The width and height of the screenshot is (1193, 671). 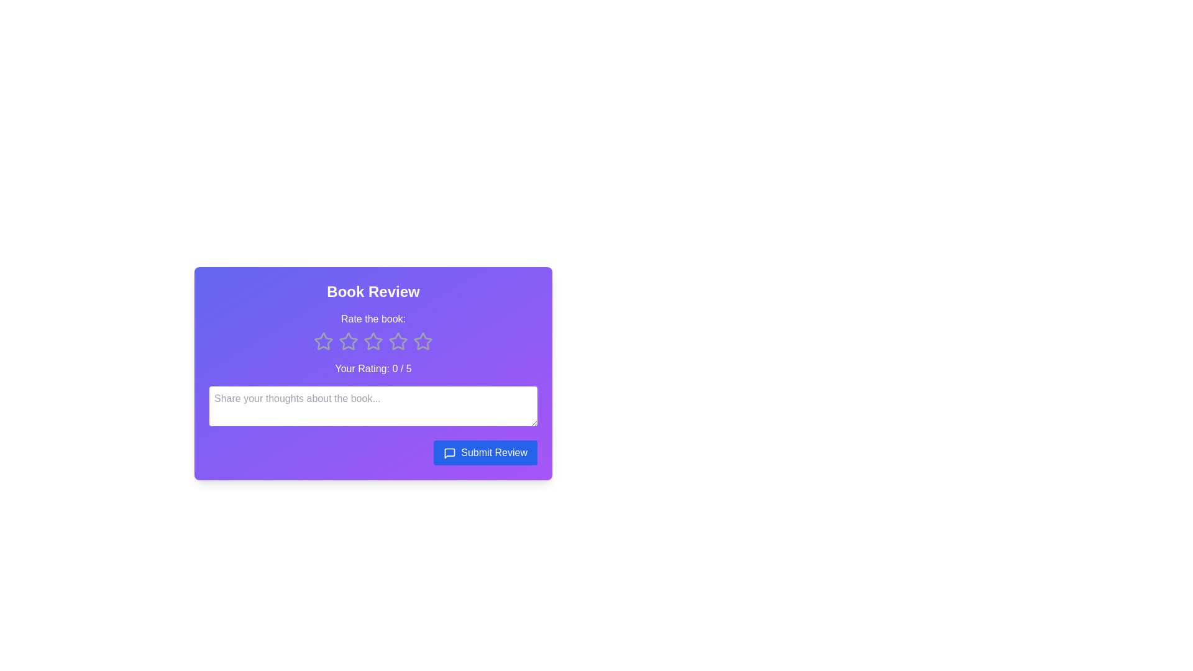 What do you see at coordinates (348, 342) in the screenshot?
I see `the book rating to 2 stars by clicking the corresponding star` at bounding box center [348, 342].